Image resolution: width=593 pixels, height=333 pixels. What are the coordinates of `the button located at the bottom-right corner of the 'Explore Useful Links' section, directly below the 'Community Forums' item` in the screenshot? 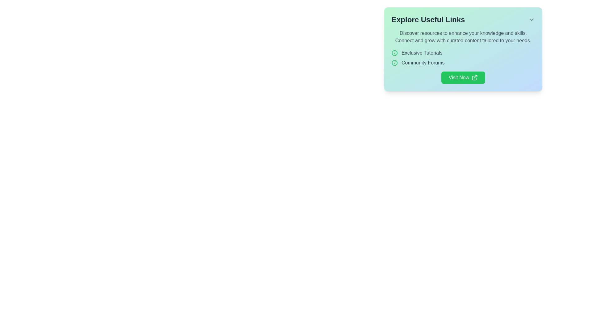 It's located at (463, 77).